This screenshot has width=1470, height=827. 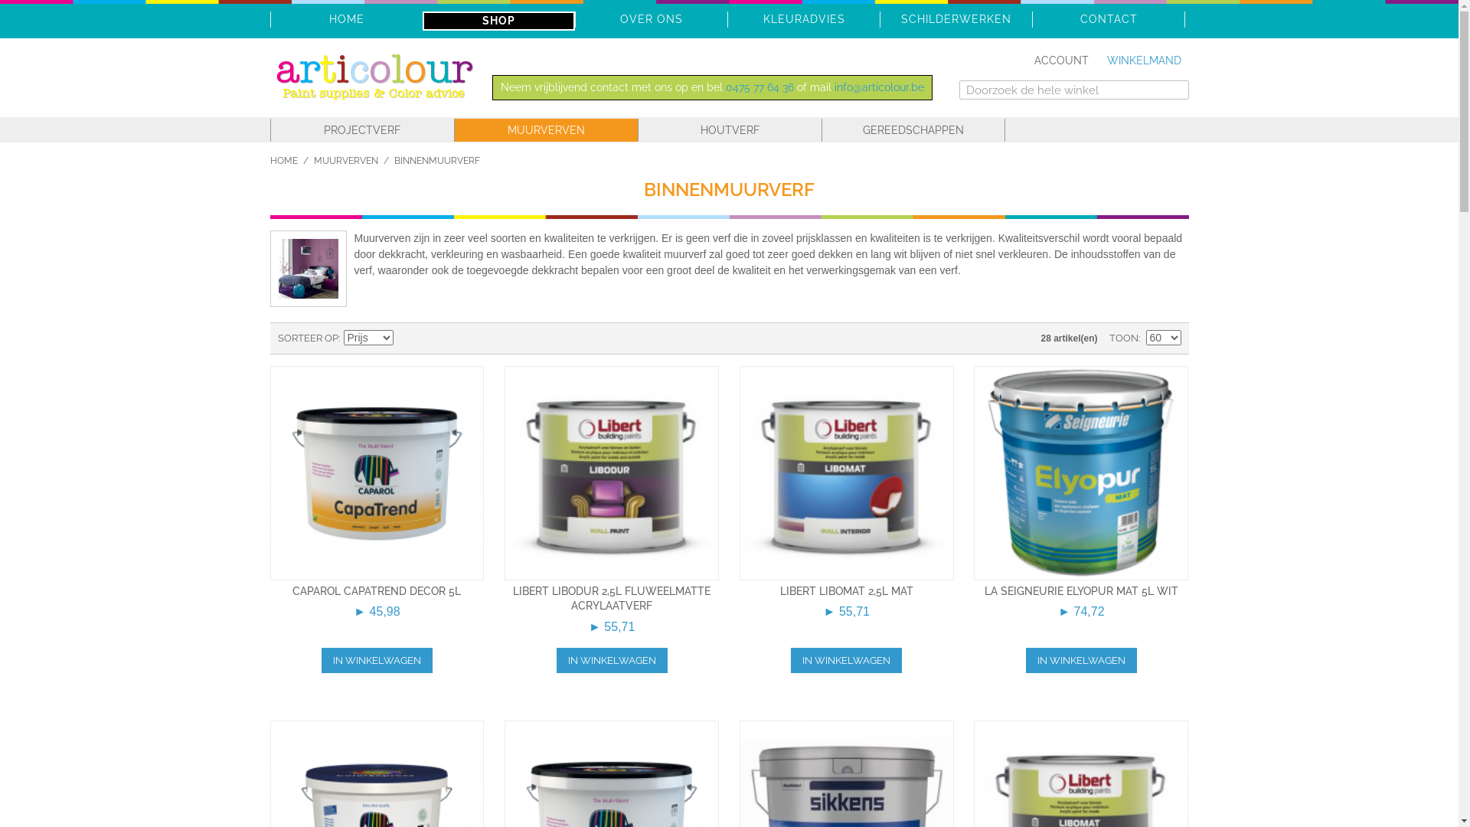 I want to click on 'IN WINKELWAGEN', so click(x=555, y=659).